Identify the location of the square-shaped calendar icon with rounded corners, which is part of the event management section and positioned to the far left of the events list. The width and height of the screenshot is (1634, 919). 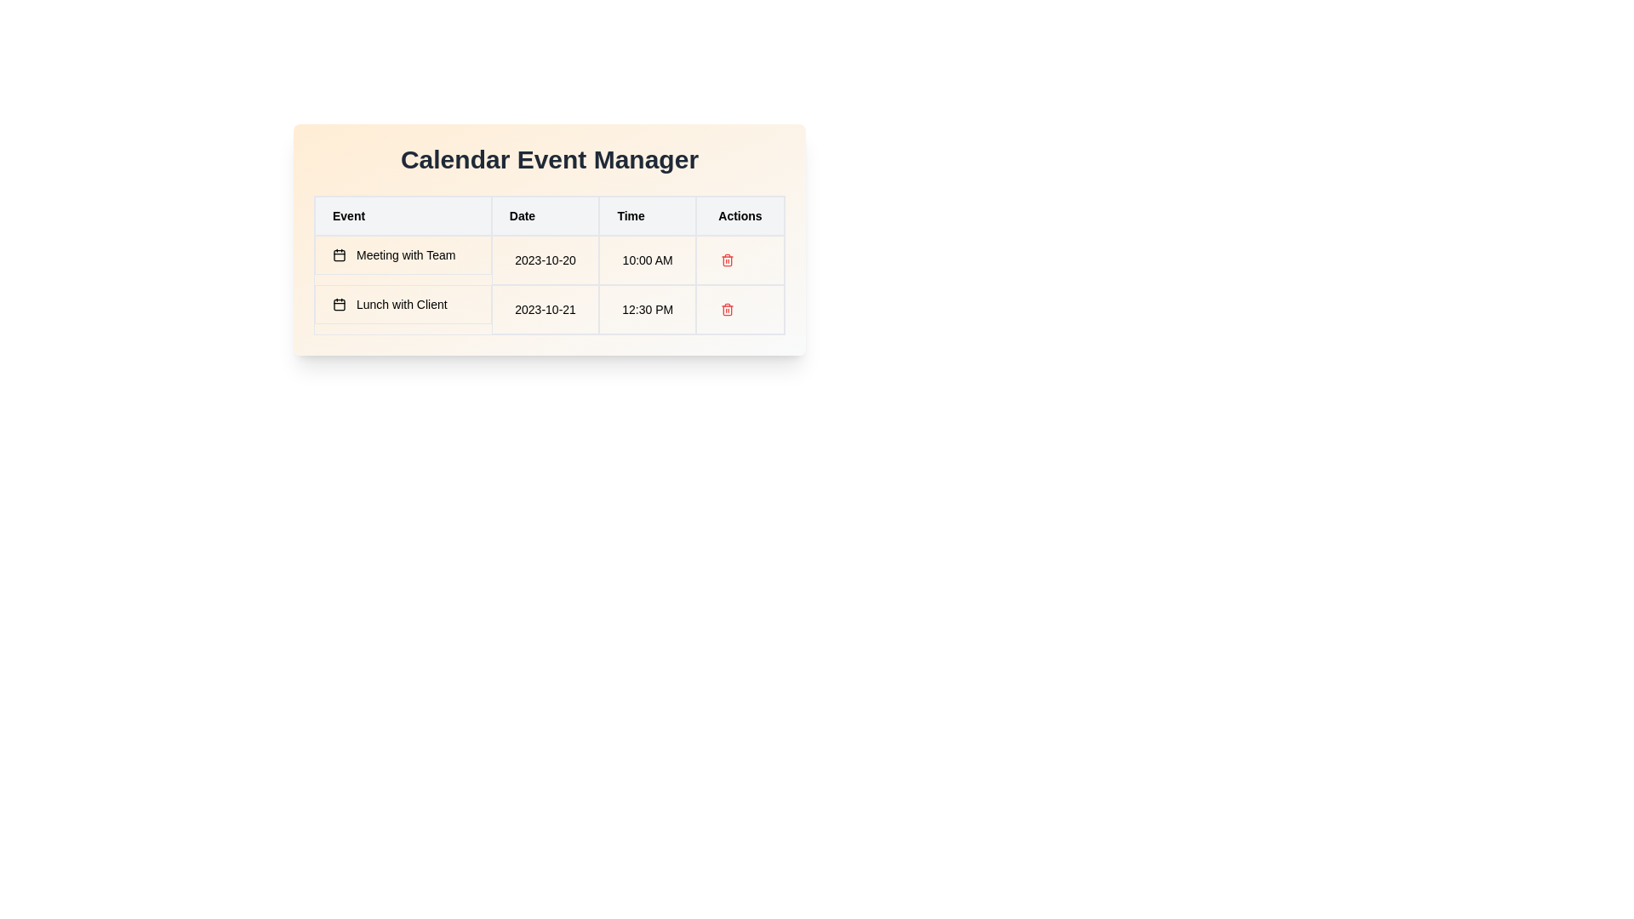
(339, 304).